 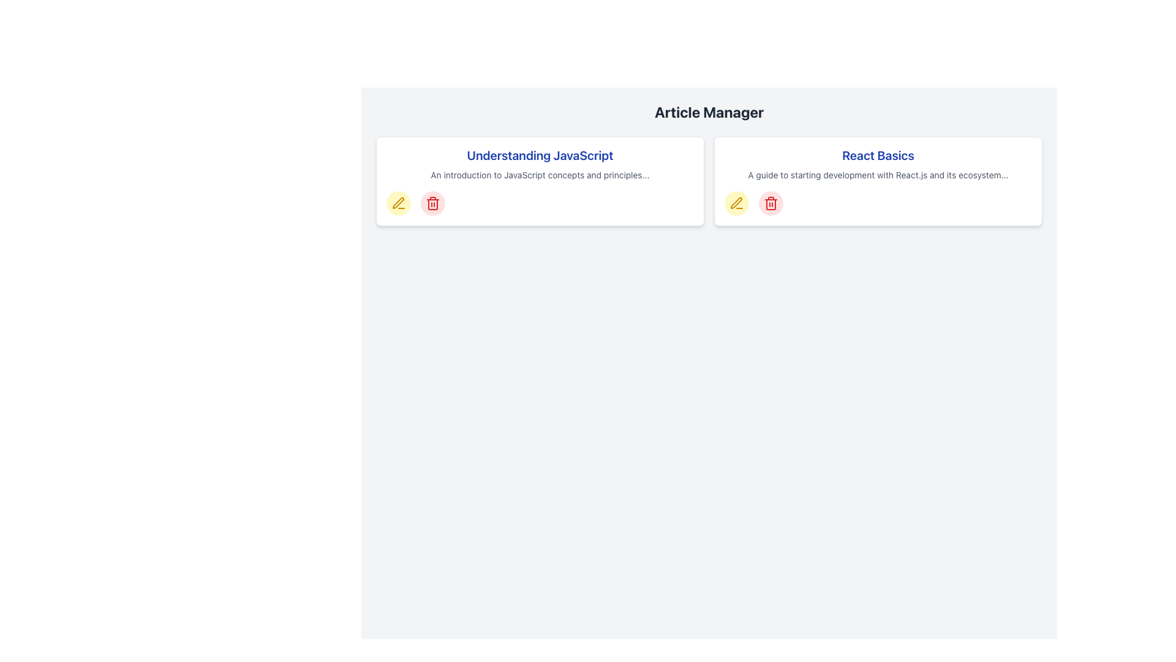 What do you see at coordinates (399, 202) in the screenshot?
I see `the circular button with a pen icon, which is styled with a yellow background` at bounding box center [399, 202].